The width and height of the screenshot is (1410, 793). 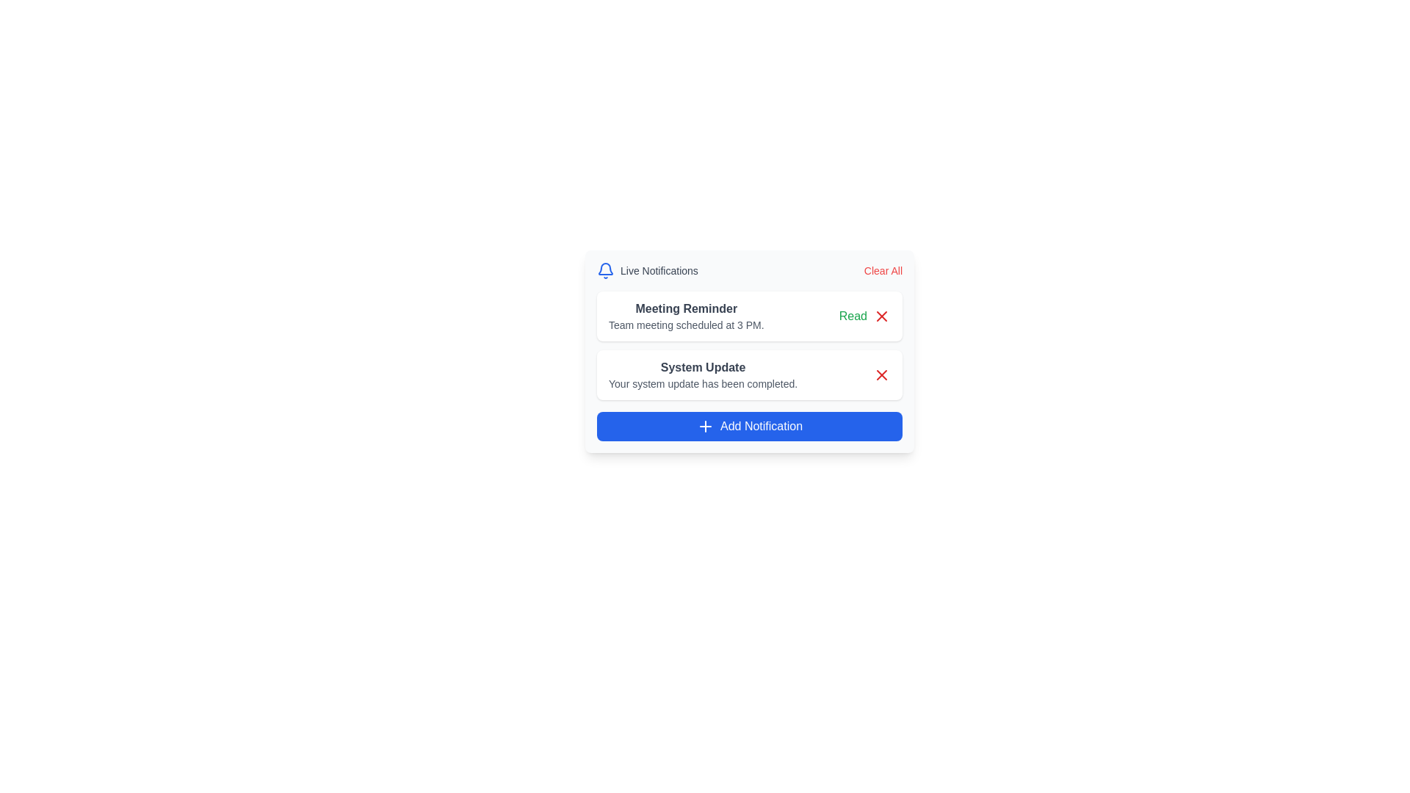 I want to click on the 'Live Notifications' text element with the adjacent blue notification bell icon, located in the upper-left section of a notification card, so click(x=646, y=271).